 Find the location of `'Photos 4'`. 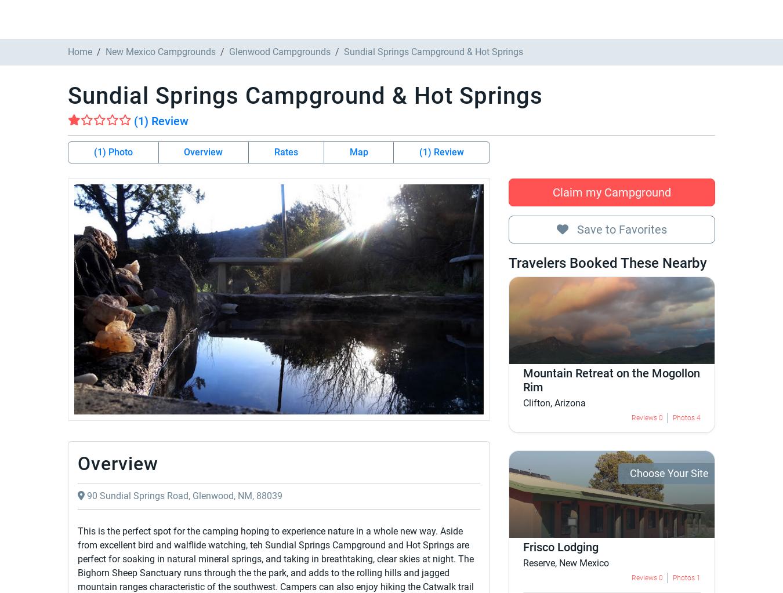

'Photos 4' is located at coordinates (243, 397).